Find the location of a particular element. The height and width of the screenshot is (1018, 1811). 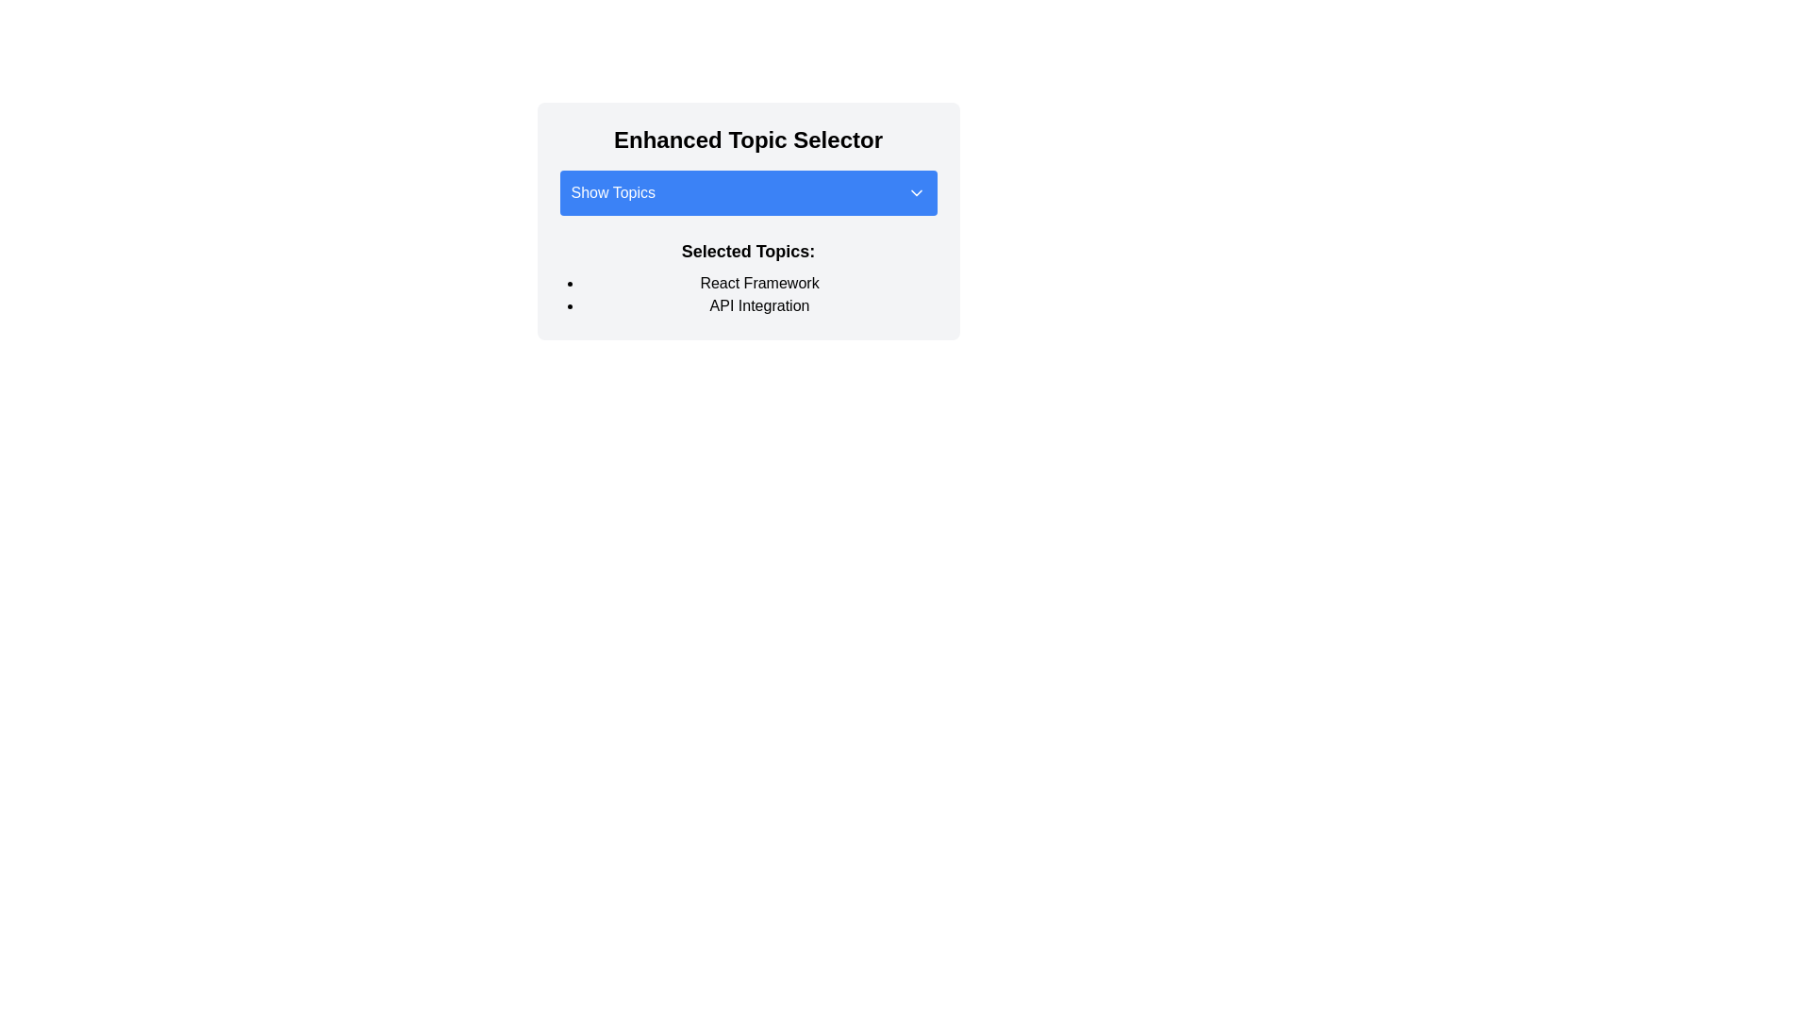

the list item containing the text 'API Integration', which is the second item in the bulleted list under the 'Selected Topics' section is located at coordinates (759, 304).